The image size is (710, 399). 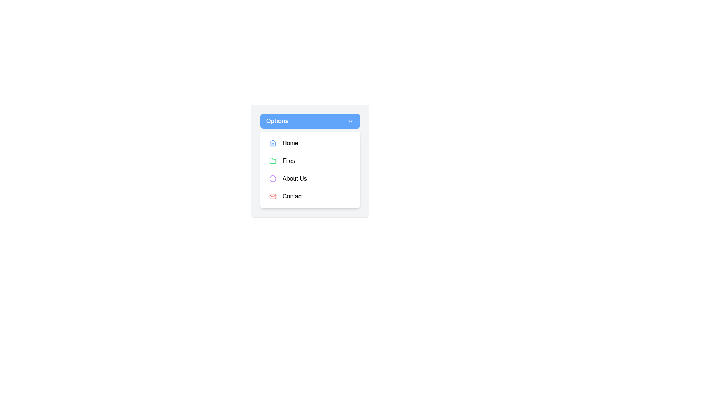 What do you see at coordinates (273, 160) in the screenshot?
I see `the folder icon in the dropdown menu` at bounding box center [273, 160].